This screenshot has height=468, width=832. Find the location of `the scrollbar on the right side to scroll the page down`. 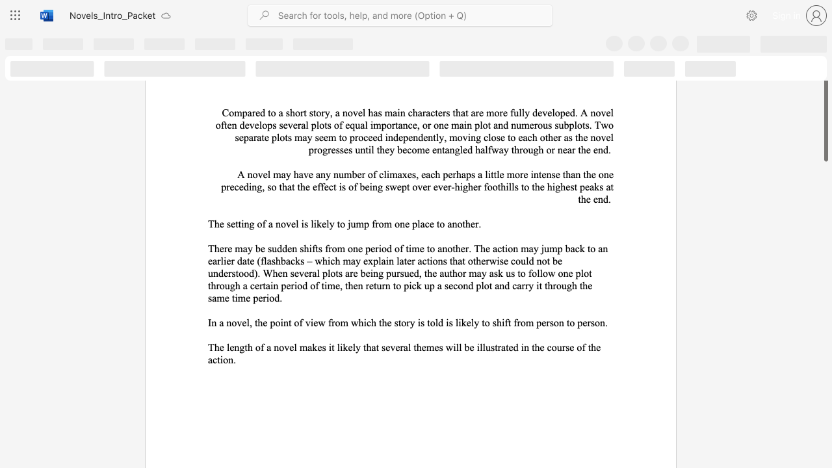

the scrollbar on the right side to scroll the page down is located at coordinates (825, 188).